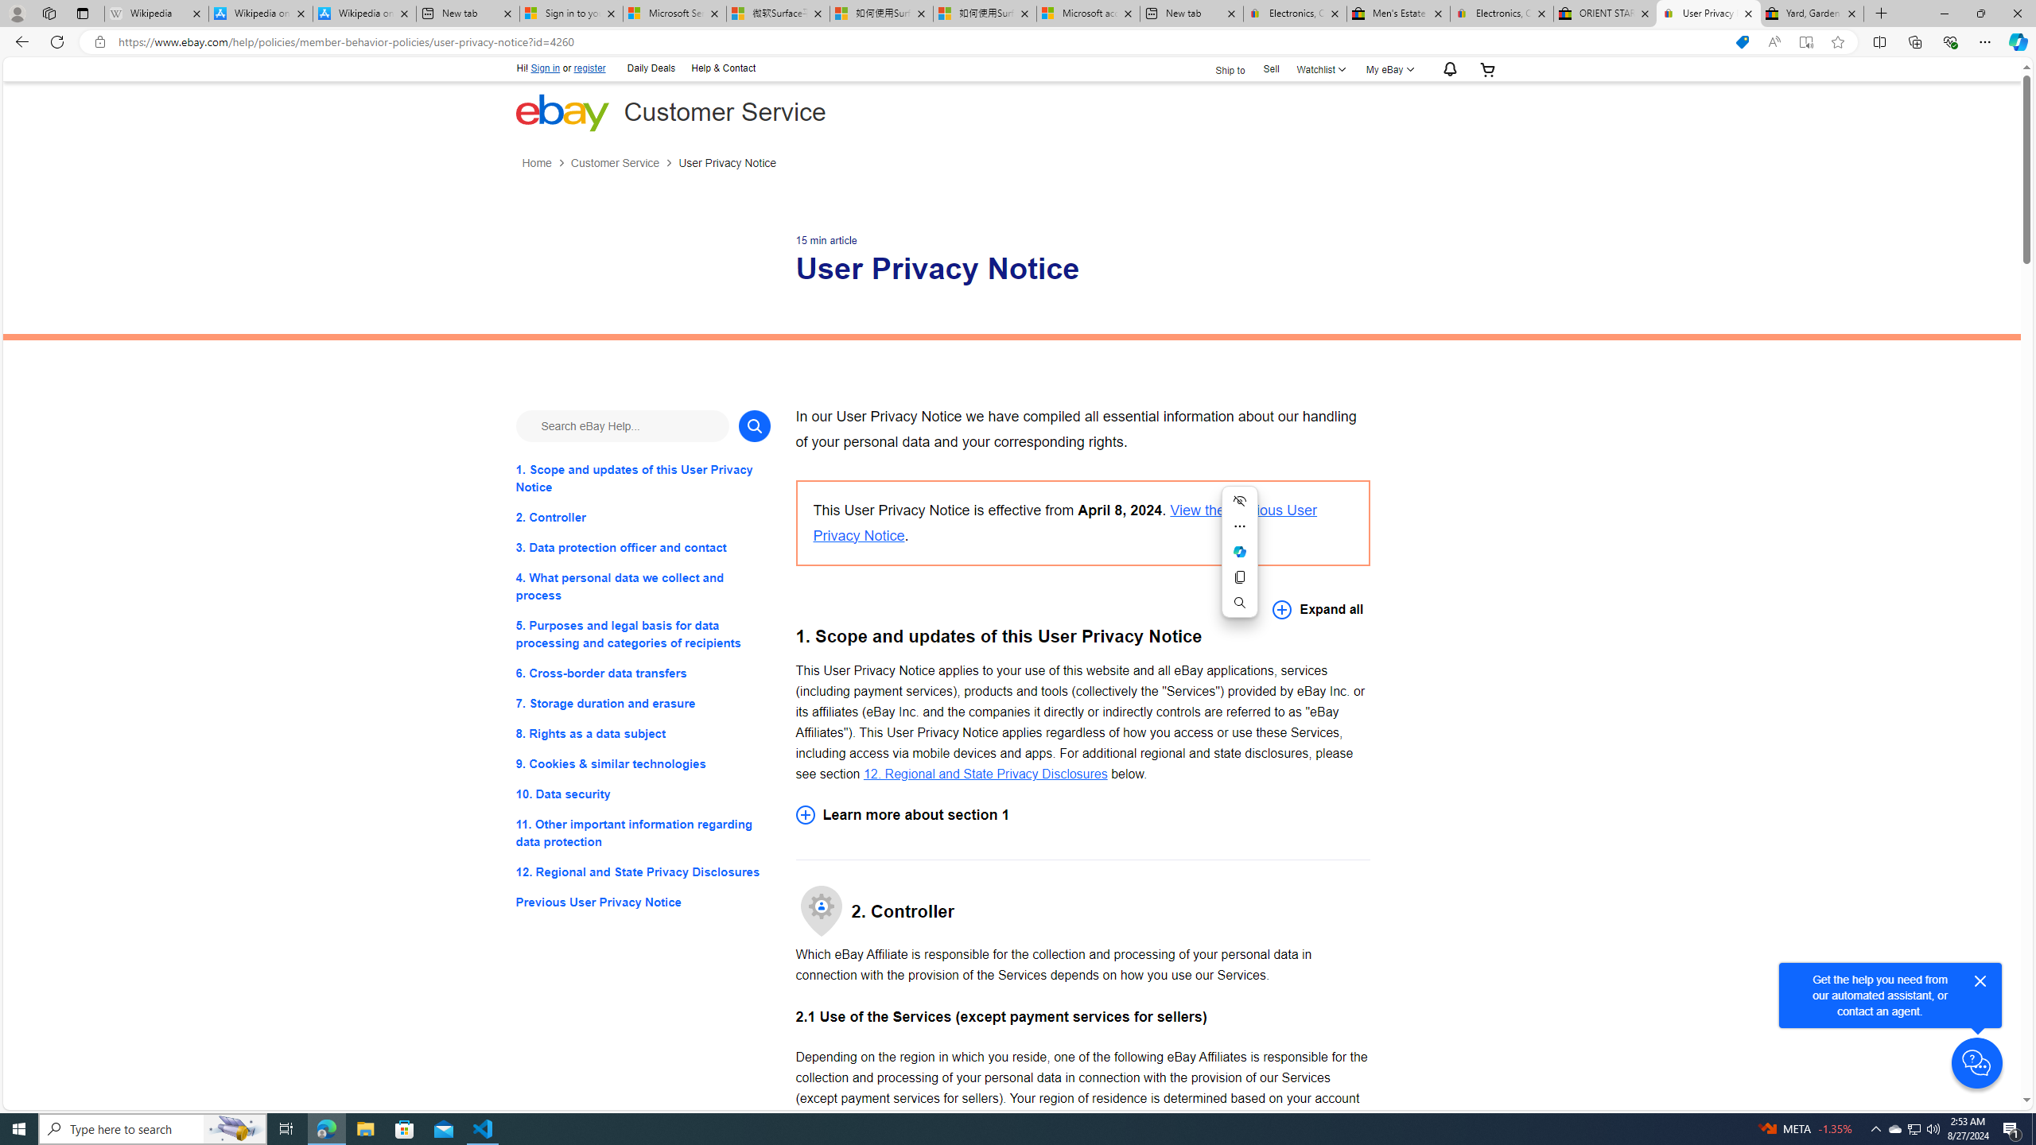 Image resolution: width=2036 pixels, height=1145 pixels. What do you see at coordinates (589, 68) in the screenshot?
I see `'register'` at bounding box center [589, 68].